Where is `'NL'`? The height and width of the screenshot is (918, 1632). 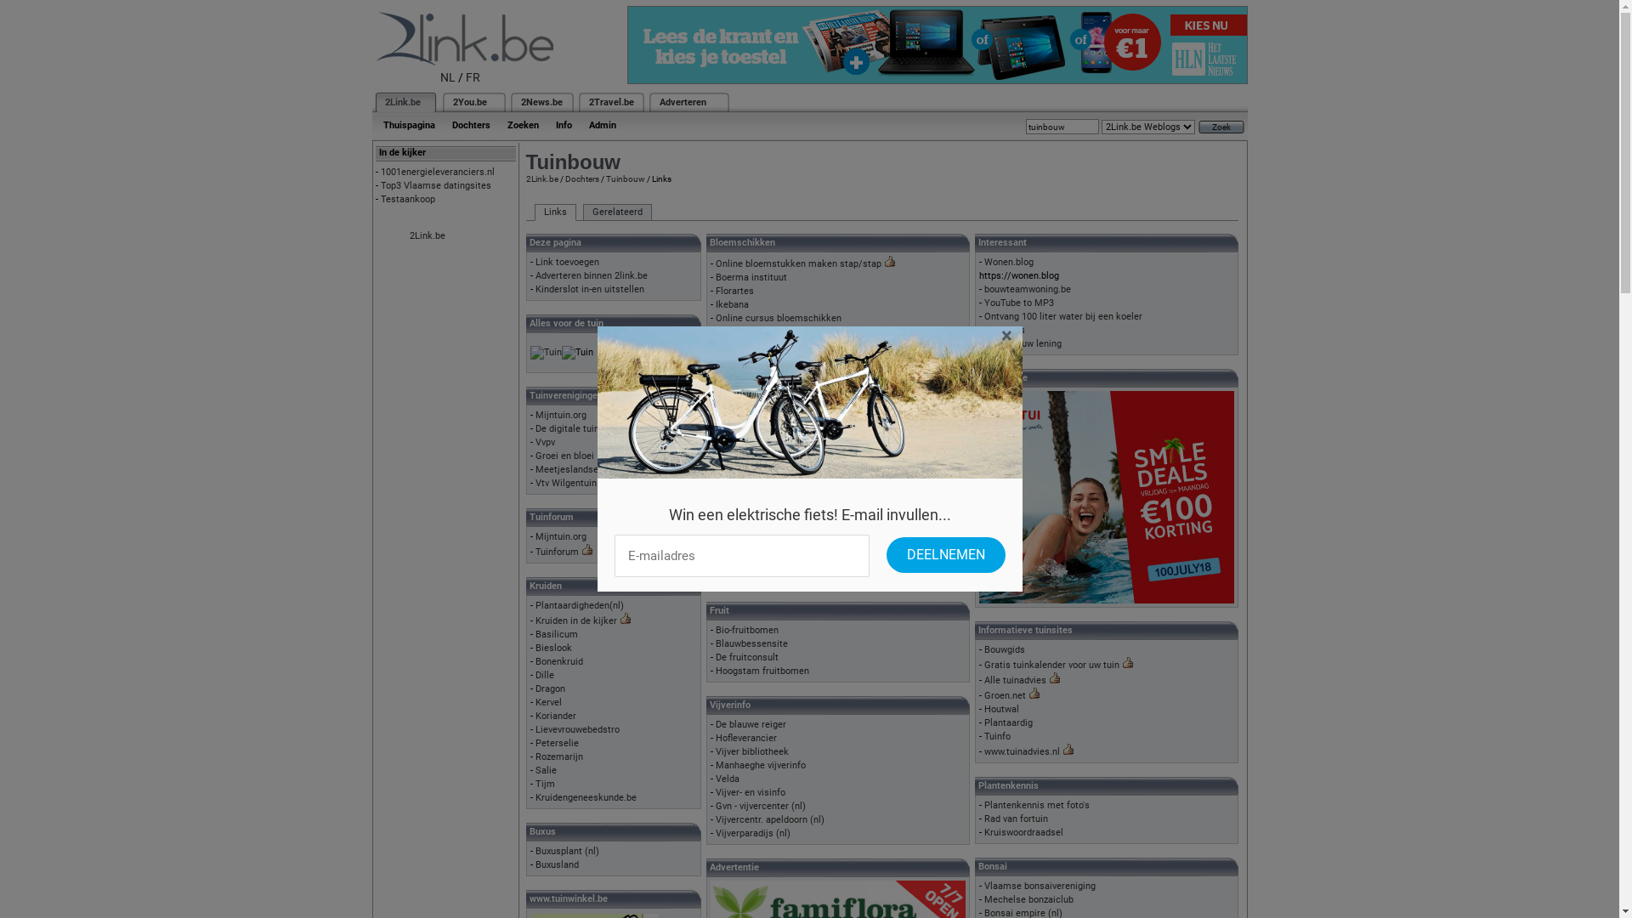 'NL' is located at coordinates (448, 77).